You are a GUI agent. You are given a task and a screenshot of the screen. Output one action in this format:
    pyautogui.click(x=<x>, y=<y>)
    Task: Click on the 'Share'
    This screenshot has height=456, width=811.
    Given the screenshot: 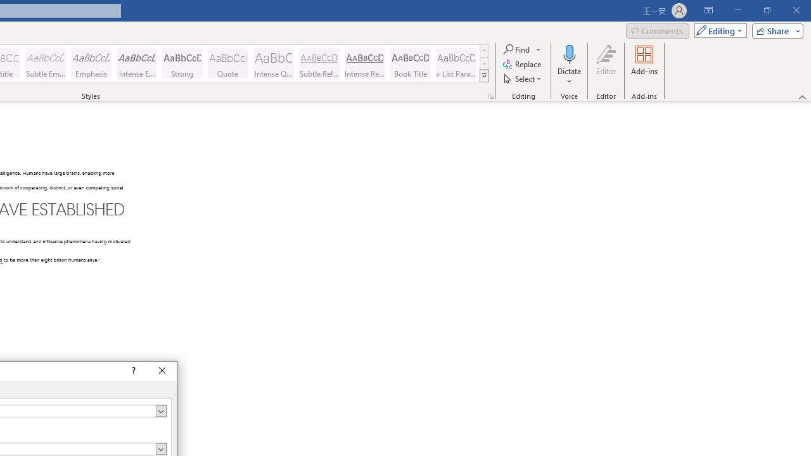 What is the action you would take?
    pyautogui.click(x=774, y=30)
    